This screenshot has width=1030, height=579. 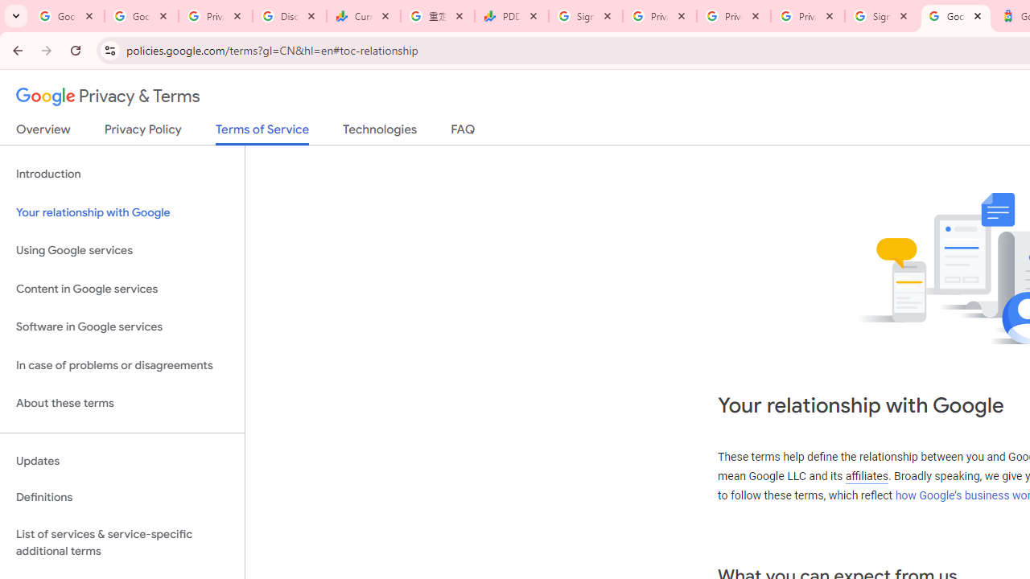 What do you see at coordinates (122, 365) in the screenshot?
I see `'In case of problems or disagreements'` at bounding box center [122, 365].